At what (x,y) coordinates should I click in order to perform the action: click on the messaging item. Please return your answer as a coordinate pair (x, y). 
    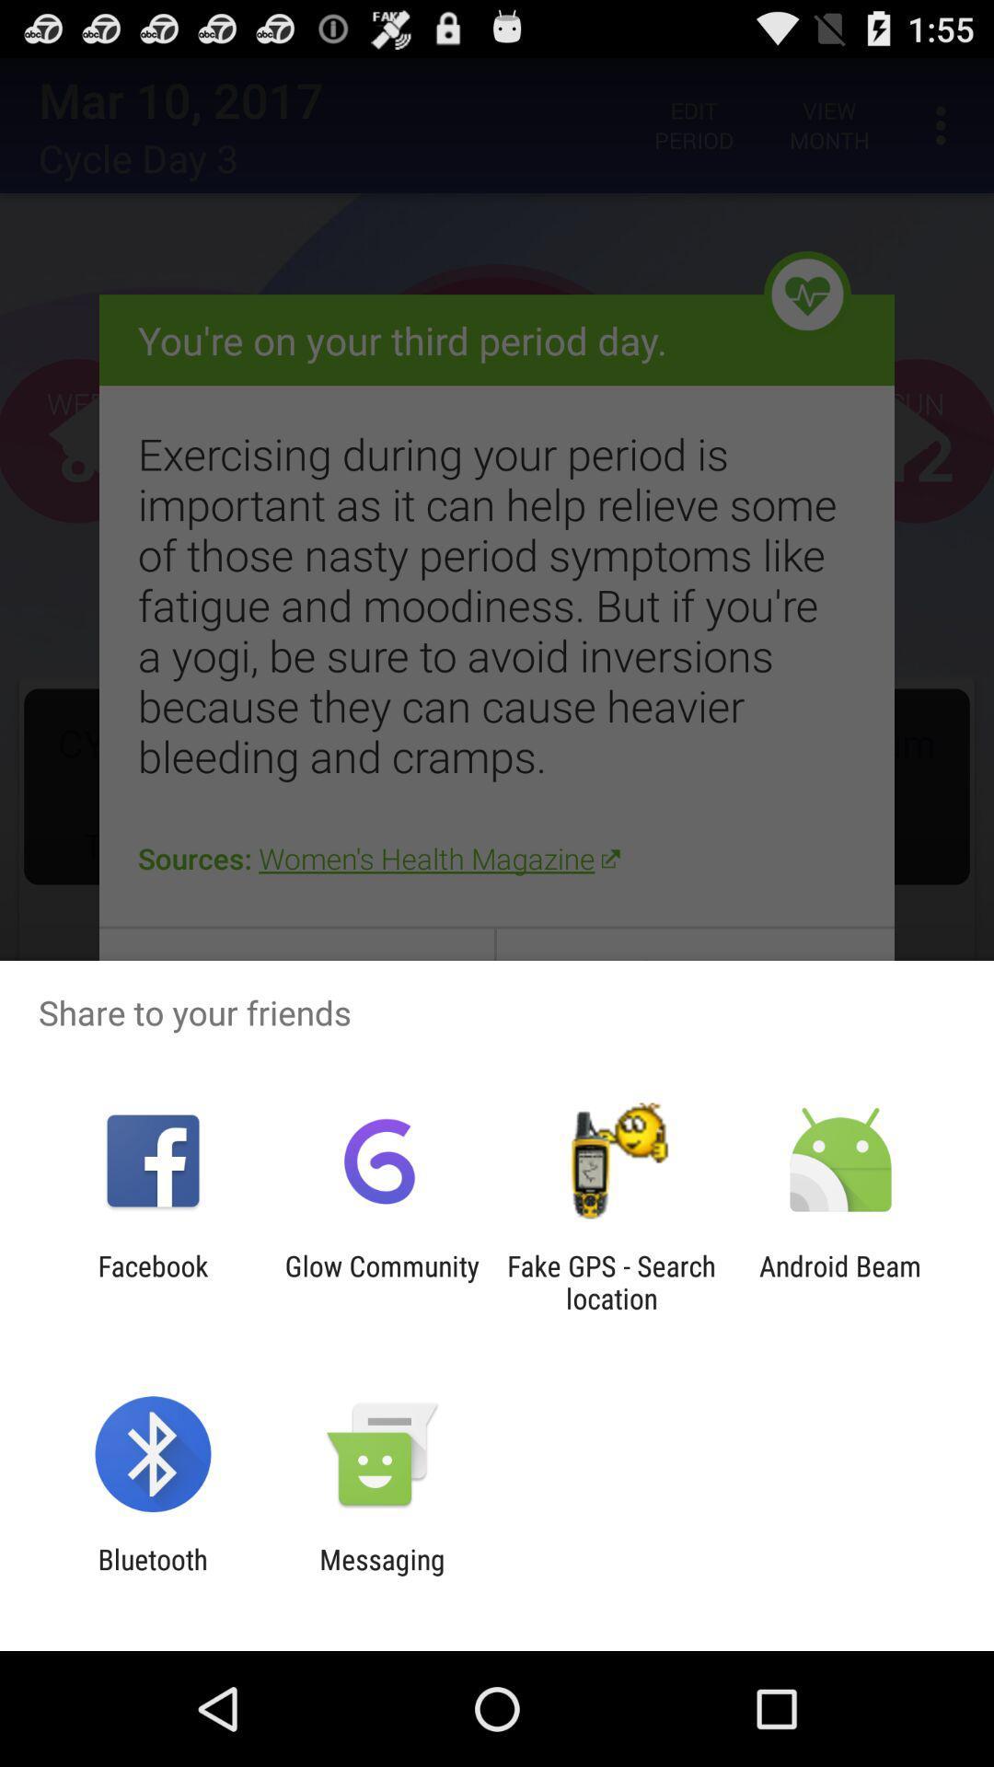
    Looking at the image, I should click on (381, 1575).